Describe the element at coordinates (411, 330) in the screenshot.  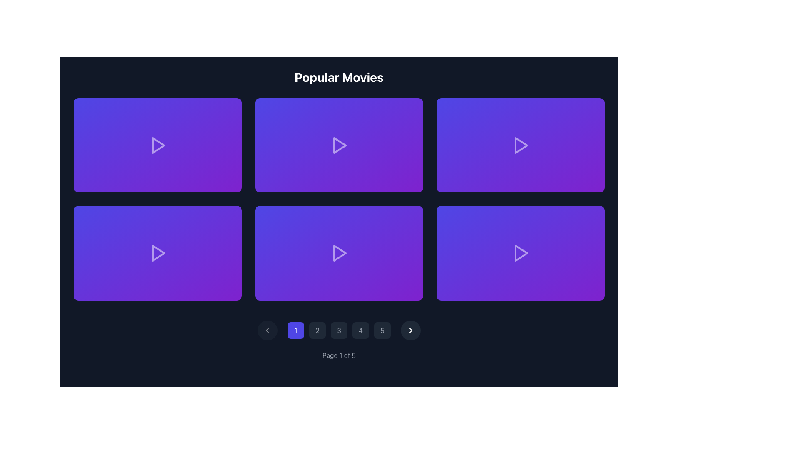
I see `the interactive arrow icon within the circular button located in the bottom-right corner of the pagination section` at that location.